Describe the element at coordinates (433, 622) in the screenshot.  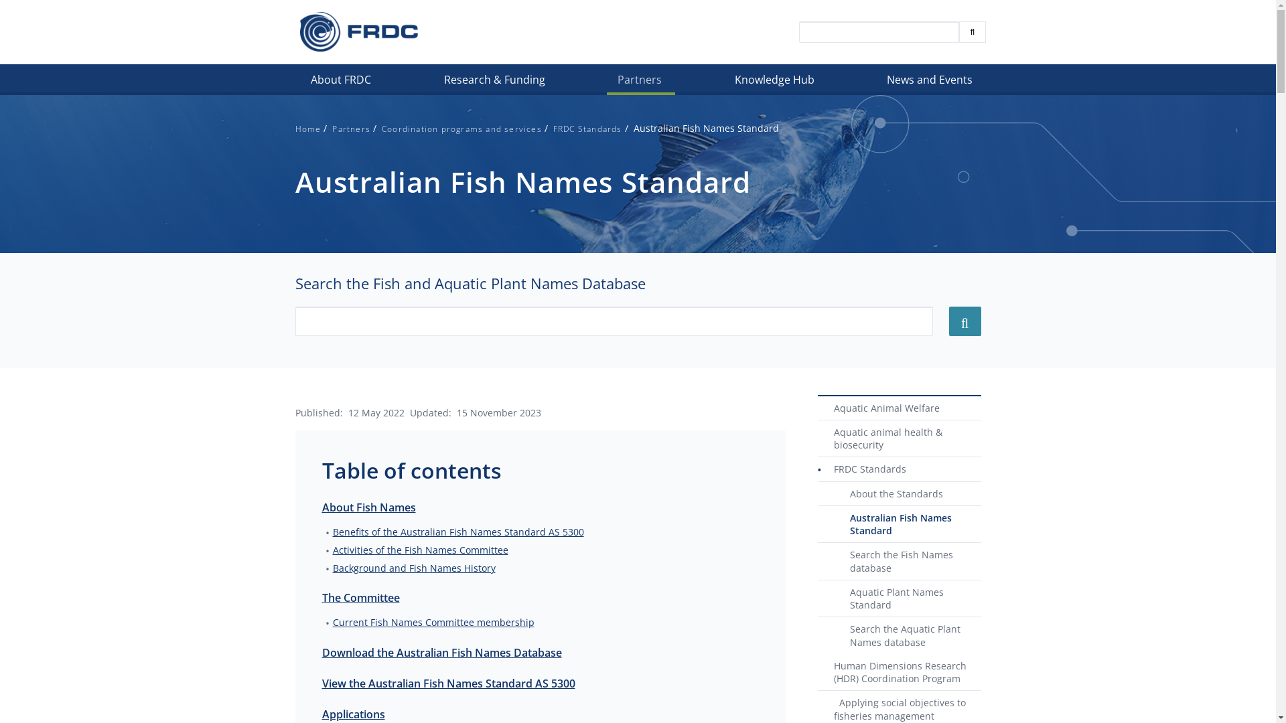
I see `'Current Fish Names Committee membership'` at that location.